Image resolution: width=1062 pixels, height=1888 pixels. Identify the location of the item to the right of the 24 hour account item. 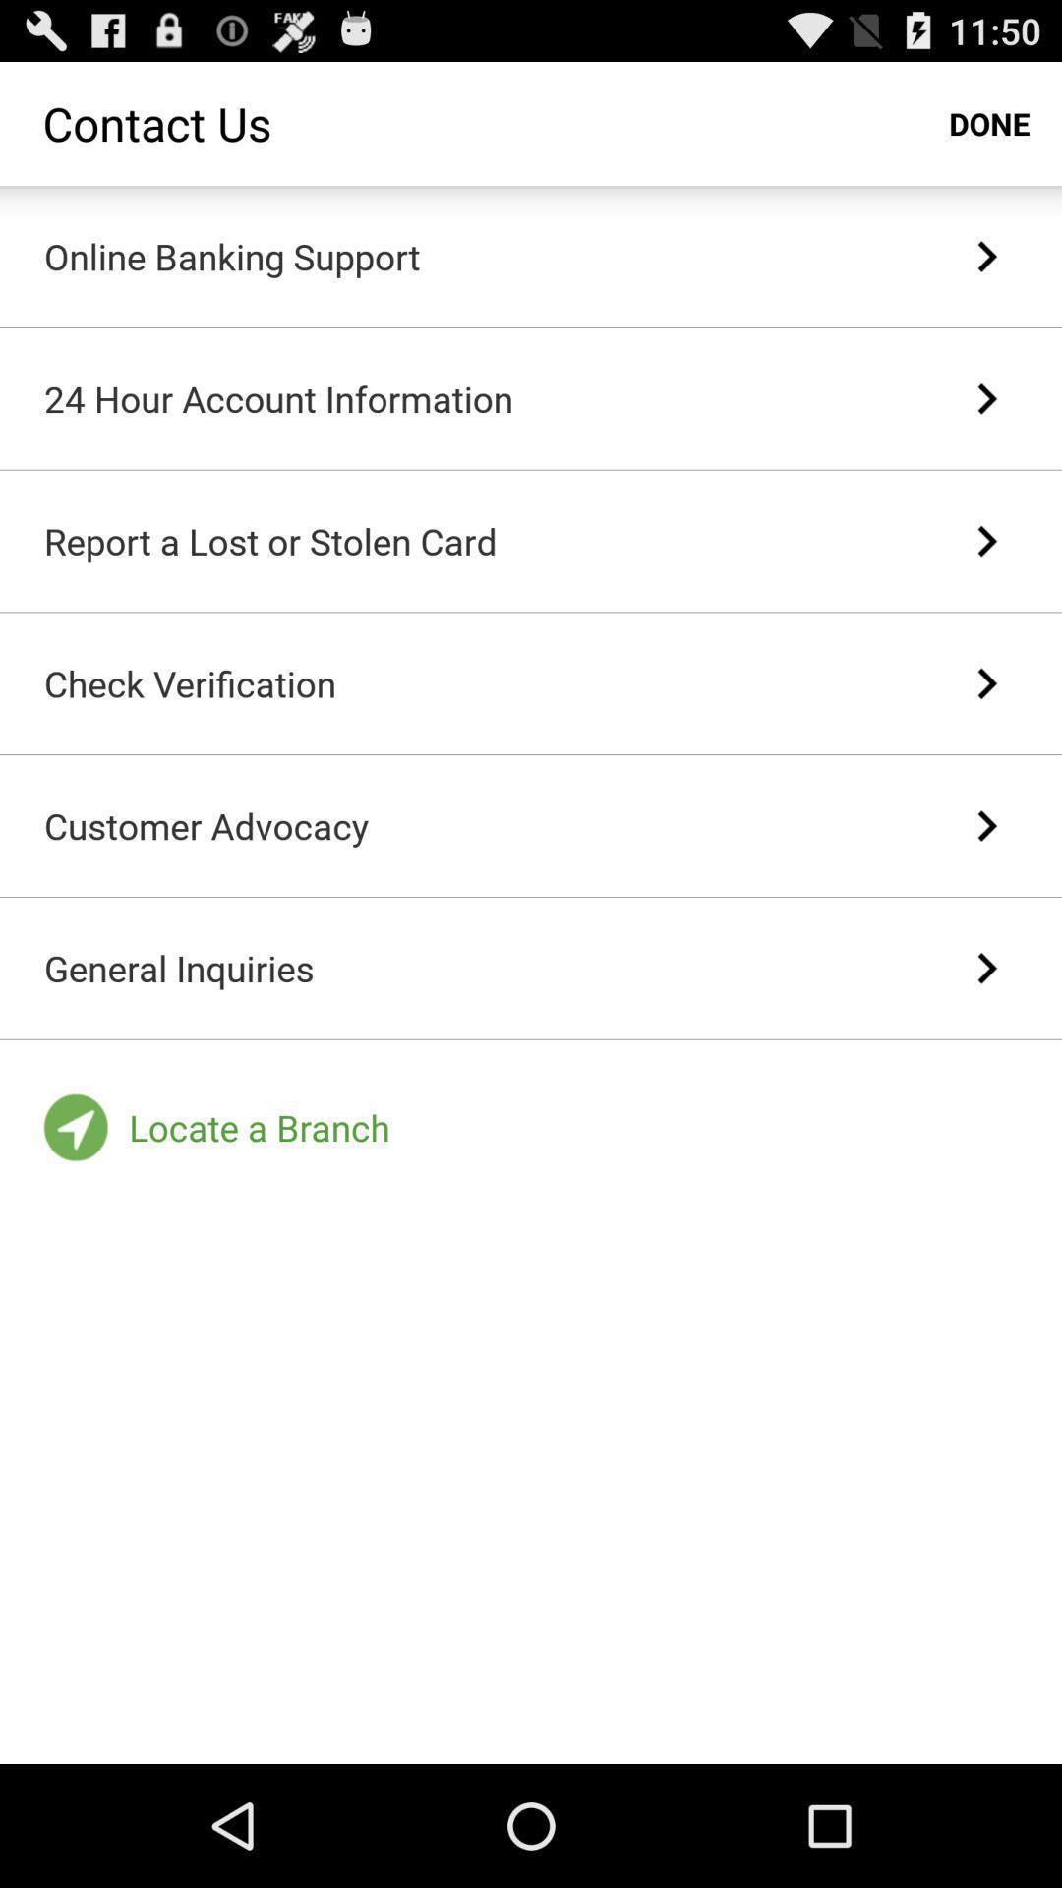
(986, 397).